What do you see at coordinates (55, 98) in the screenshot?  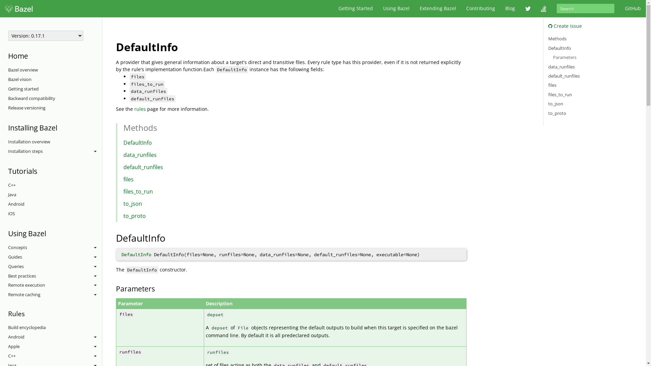 I see `'Backward compatibility'` at bounding box center [55, 98].